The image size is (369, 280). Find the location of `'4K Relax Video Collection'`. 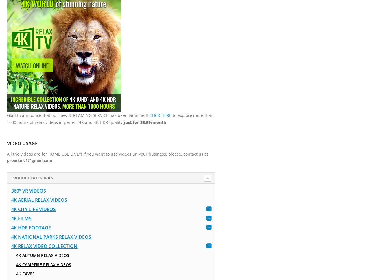

'4K Relax Video Collection' is located at coordinates (44, 246).